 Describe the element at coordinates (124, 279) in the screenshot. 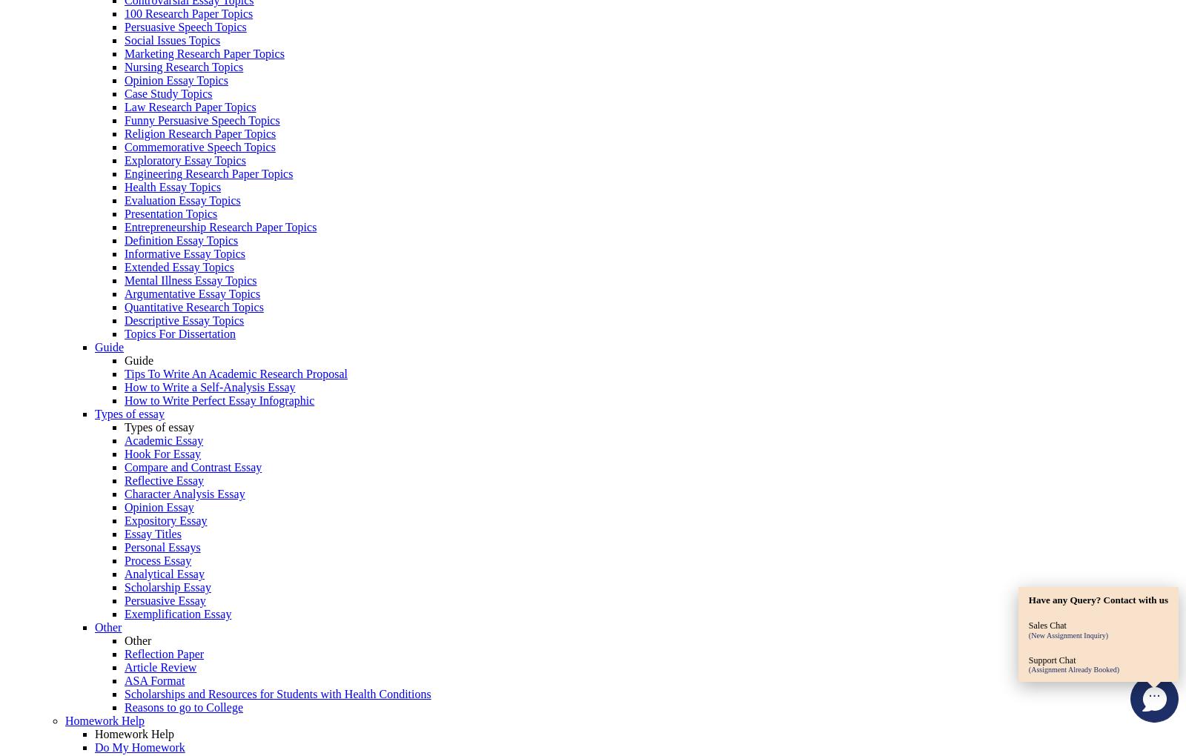

I see `'Mental Illness Essay Topics'` at that location.